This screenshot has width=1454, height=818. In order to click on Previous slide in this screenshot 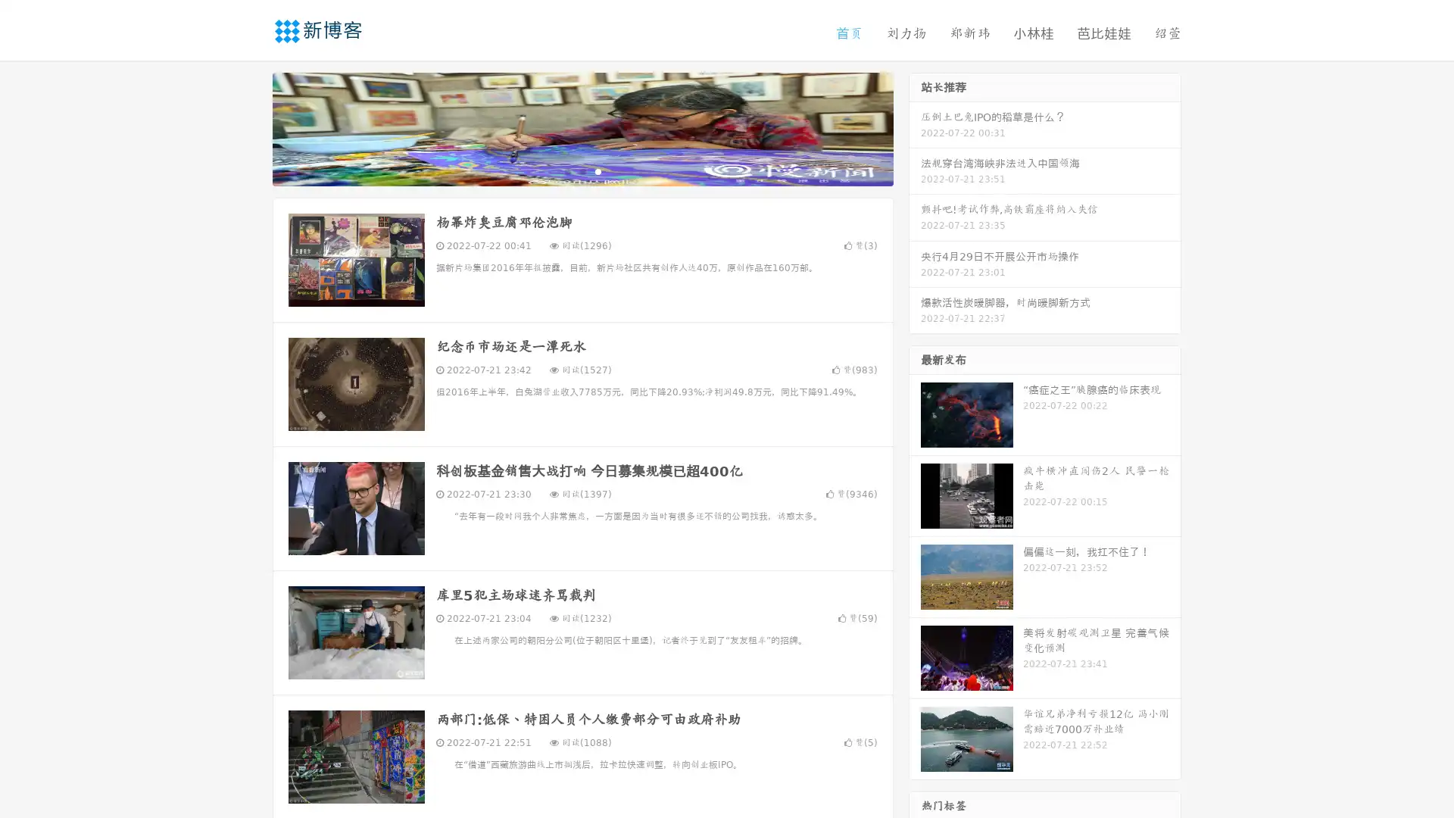, I will do `click(250, 127)`.